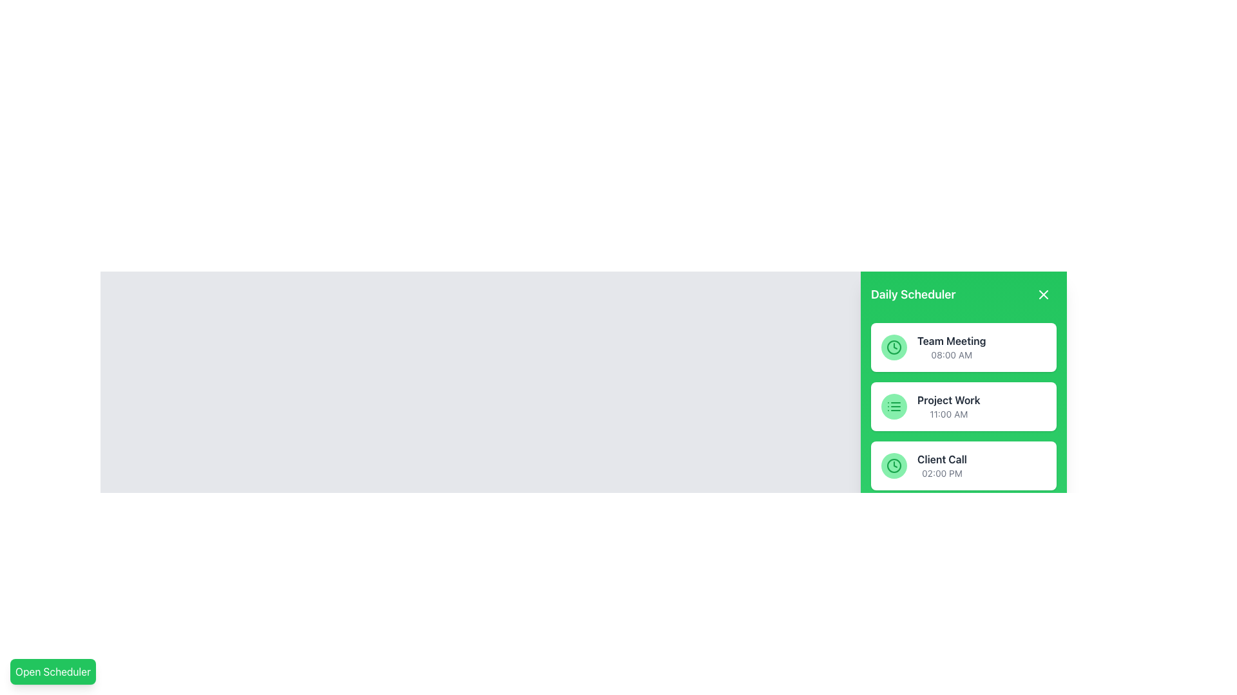 This screenshot has height=695, width=1237. Describe the element at coordinates (952, 347) in the screenshot. I see `information displayed for the scheduled event titled 'Team Meeting' at '08:00 AM', which is the first item in the vertical list of scheduling items` at that location.